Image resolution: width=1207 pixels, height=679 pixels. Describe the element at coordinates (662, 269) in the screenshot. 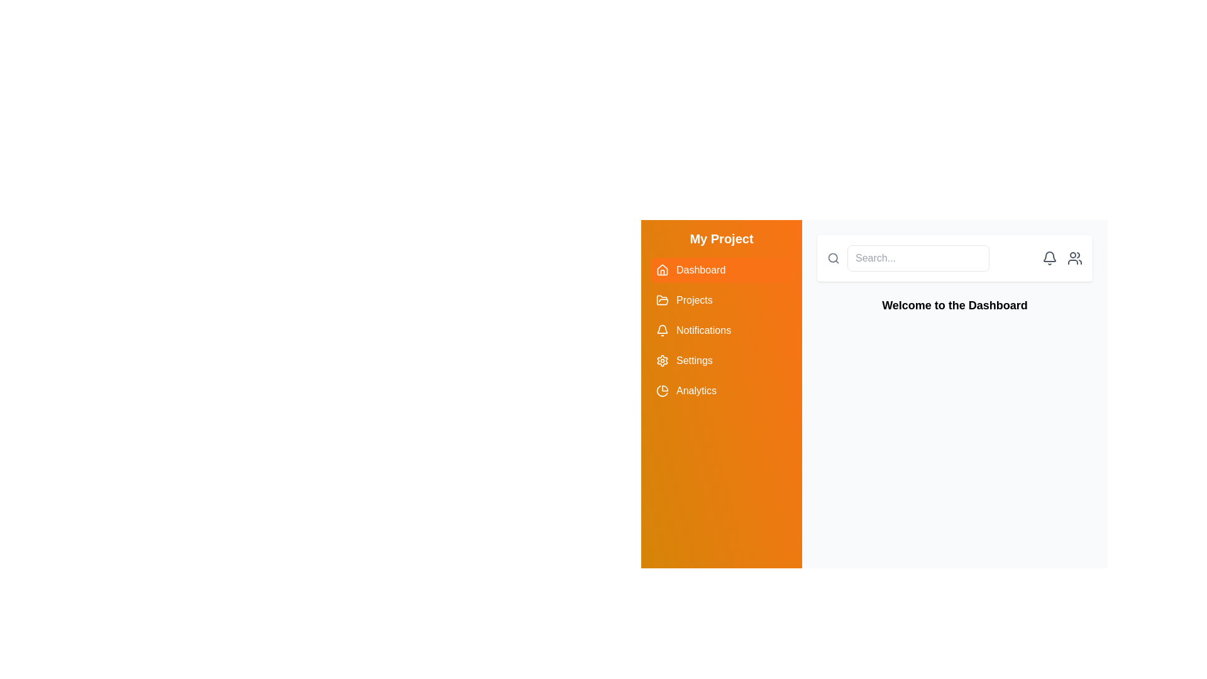

I see `the 'Dashboard' SVG Icon located at the top of the orange-shaded sidebar menu on the left side of the interface` at that location.